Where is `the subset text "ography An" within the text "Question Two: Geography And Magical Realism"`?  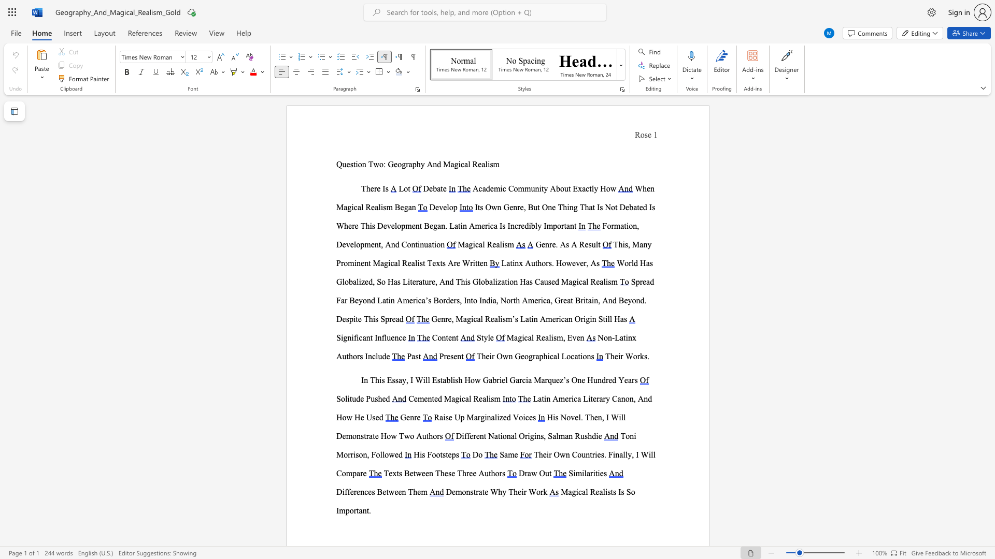
the subset text "ography An" within the text "Question Two: Geography And Magical Realism" is located at coordinates (397, 164).